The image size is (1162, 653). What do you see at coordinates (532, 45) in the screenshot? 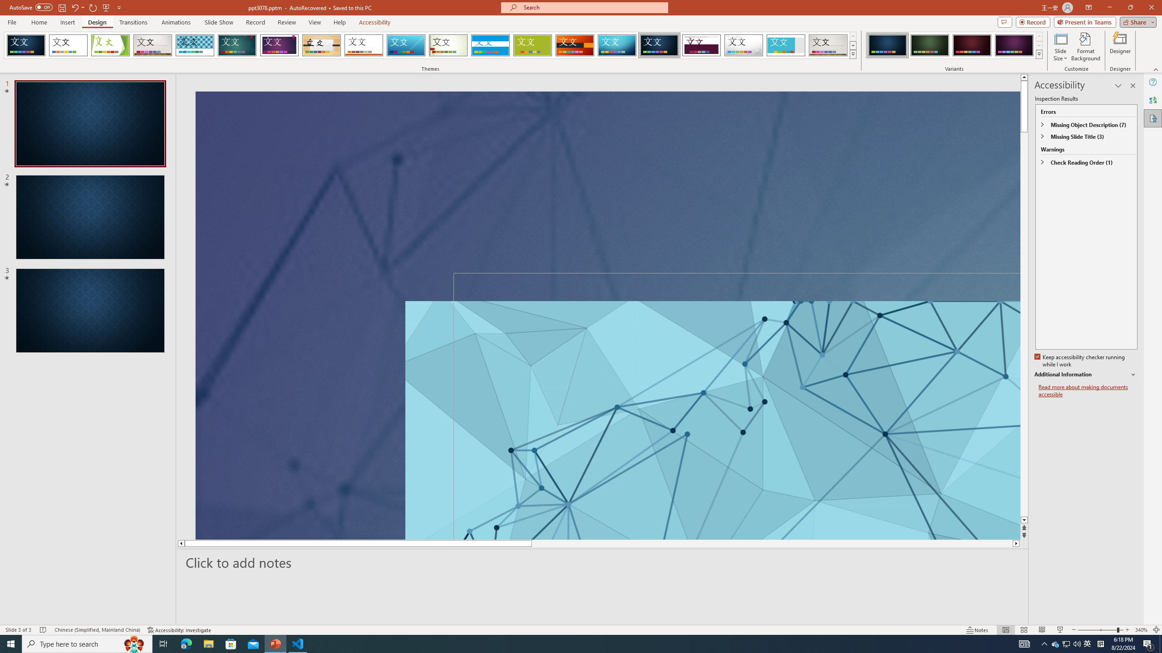
I see `'Basis'` at bounding box center [532, 45].